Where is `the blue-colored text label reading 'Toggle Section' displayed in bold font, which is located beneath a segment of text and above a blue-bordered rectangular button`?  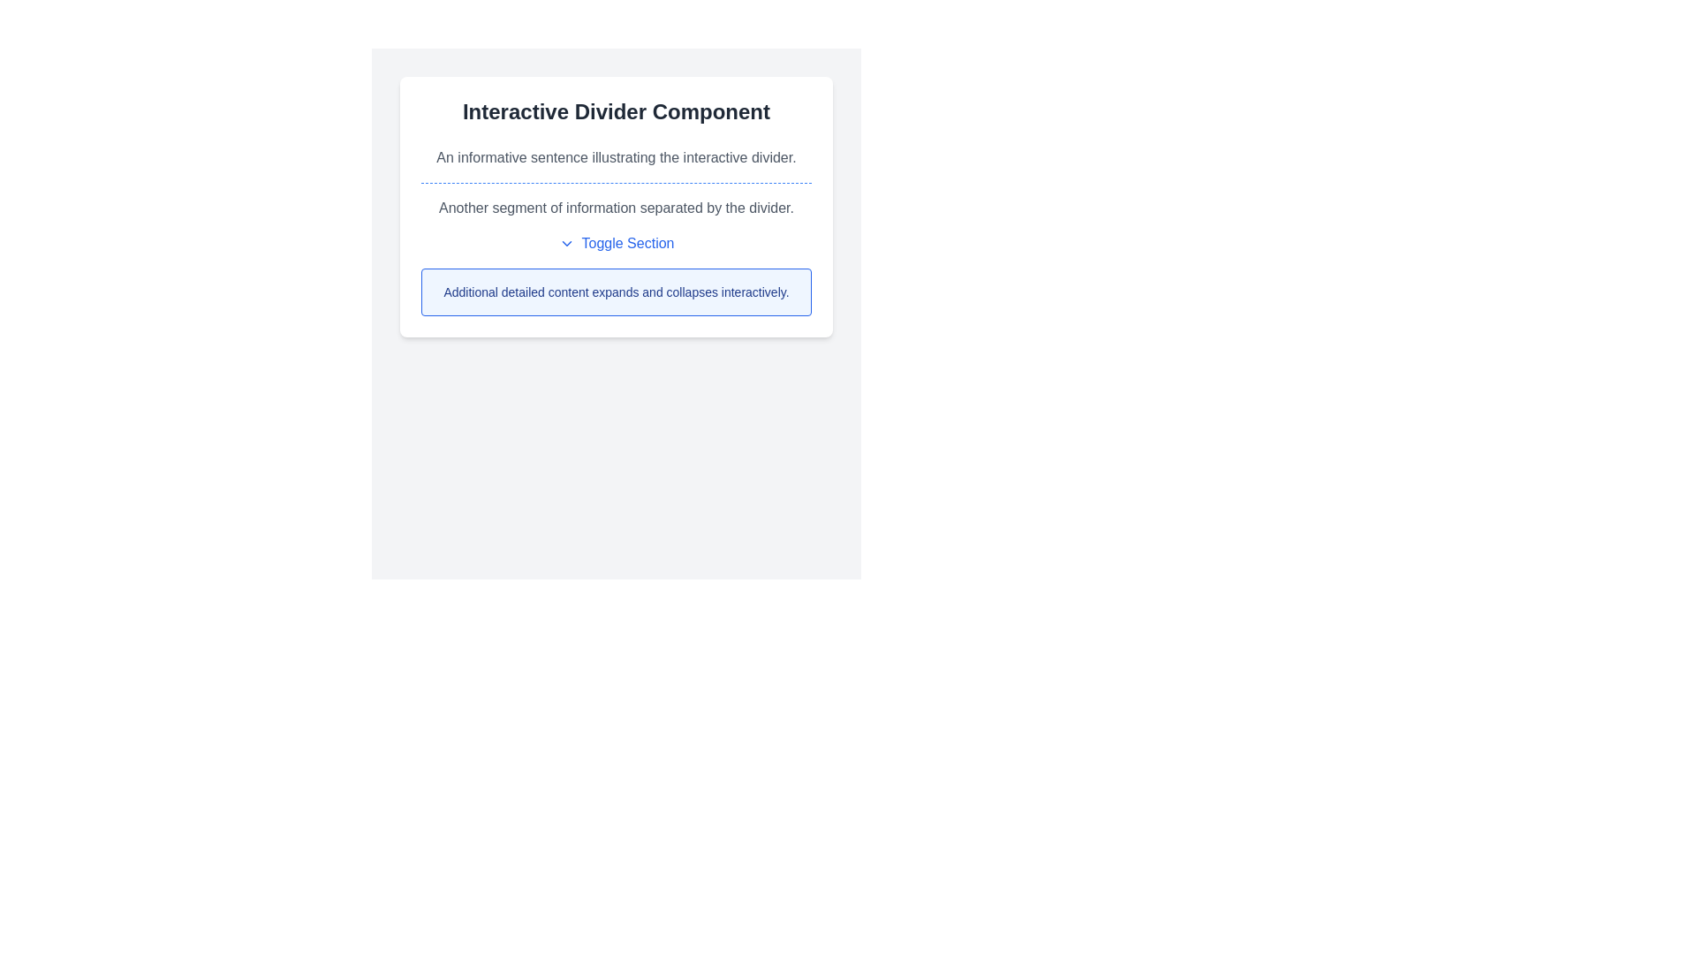
the blue-colored text label reading 'Toggle Section' displayed in bold font, which is located beneath a segment of text and above a blue-bordered rectangular button is located at coordinates (627, 244).